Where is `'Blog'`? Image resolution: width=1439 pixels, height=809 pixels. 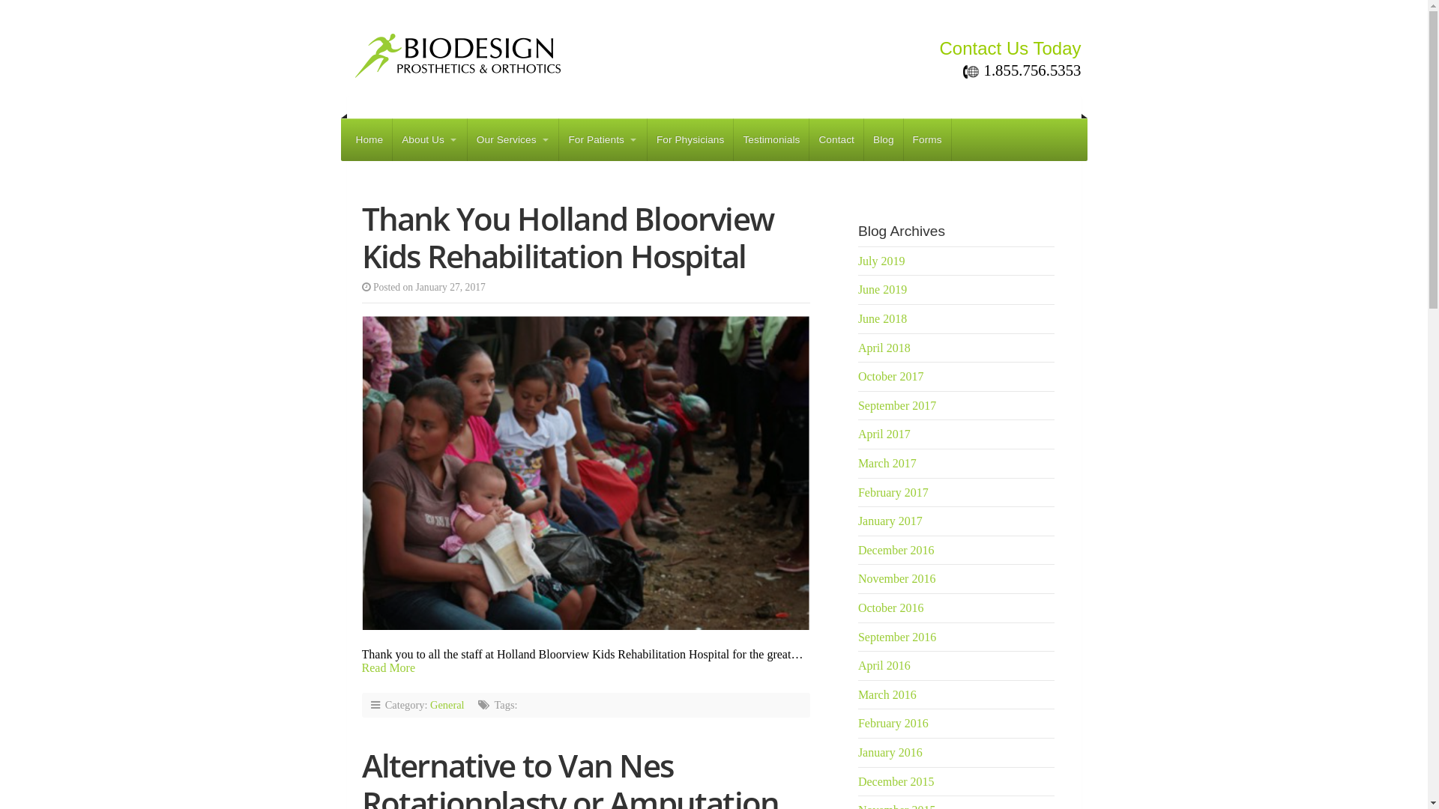 'Blog' is located at coordinates (884, 139).